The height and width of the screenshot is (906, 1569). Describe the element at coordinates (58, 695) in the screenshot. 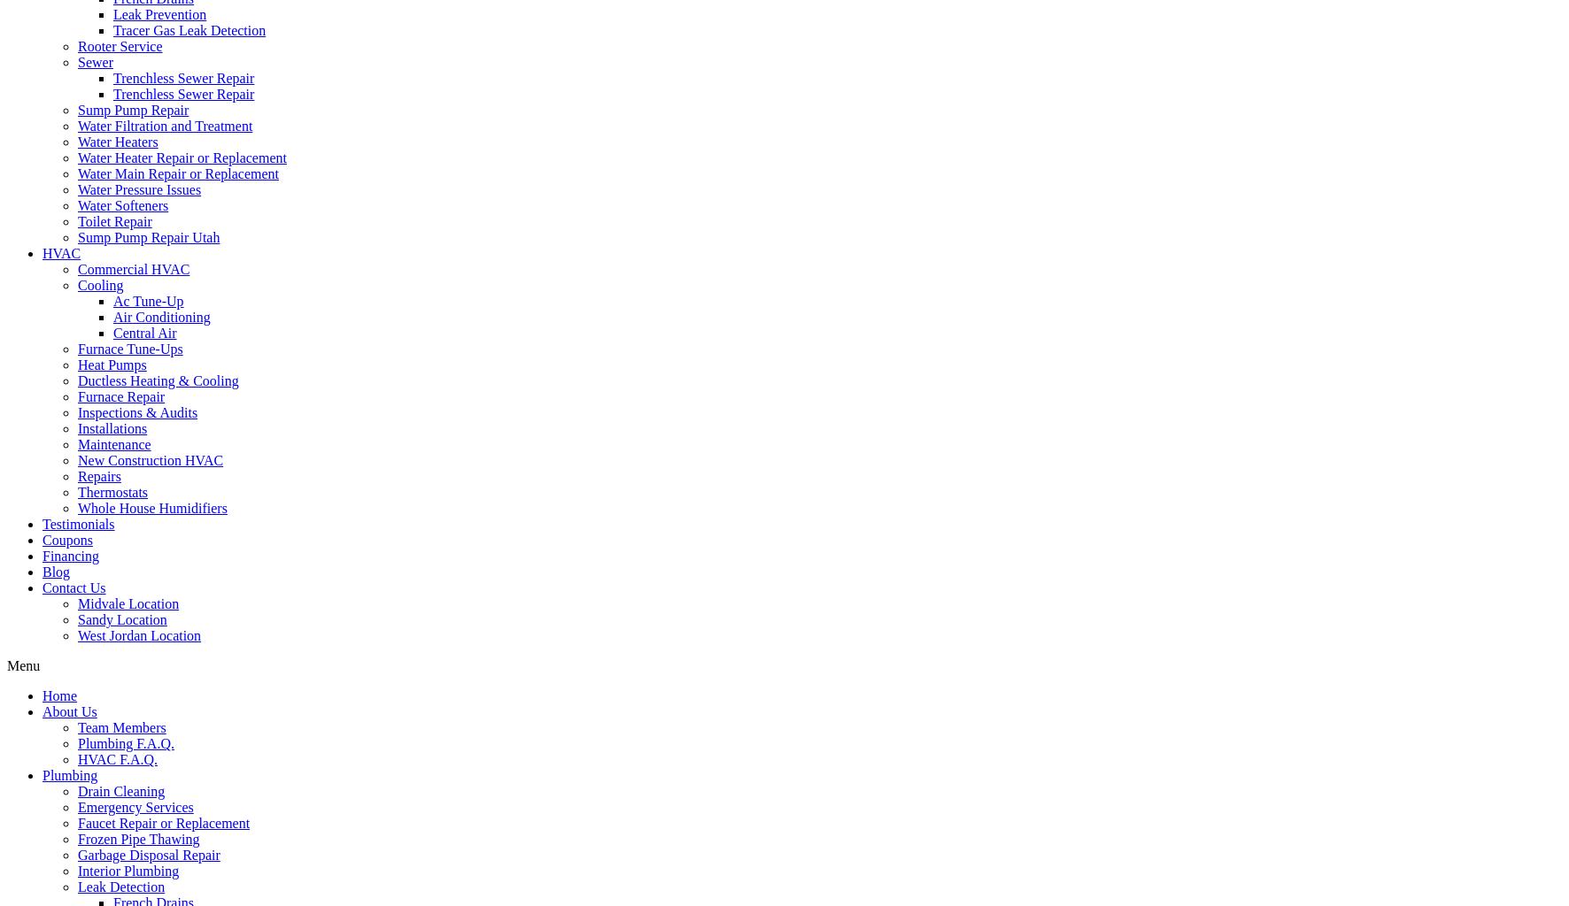

I see `'Home'` at that location.